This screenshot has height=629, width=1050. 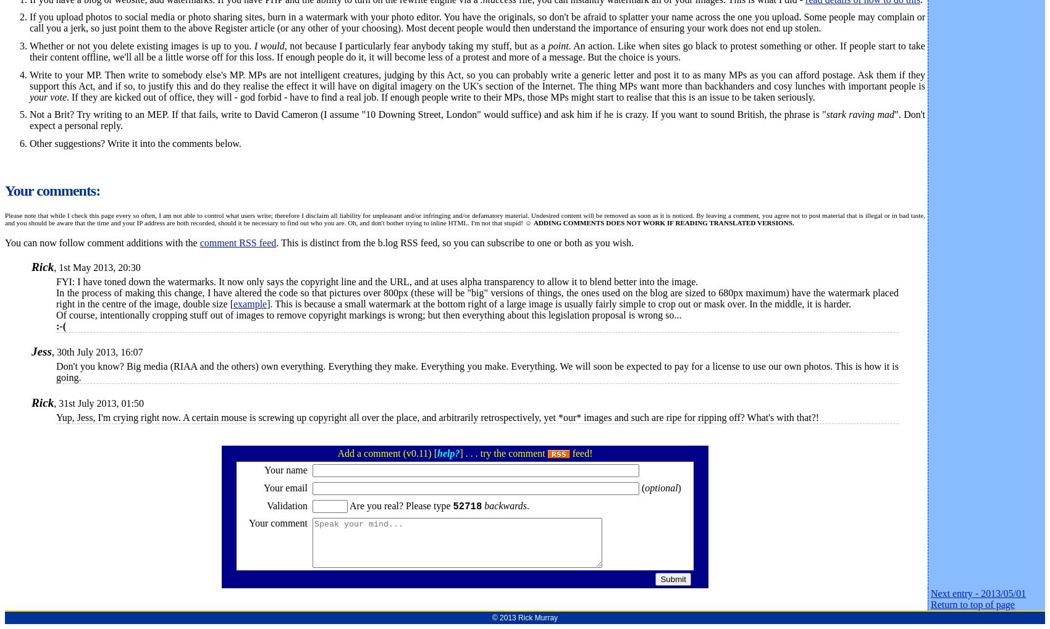 What do you see at coordinates (972, 604) in the screenshot?
I see `'Return to top of page'` at bounding box center [972, 604].